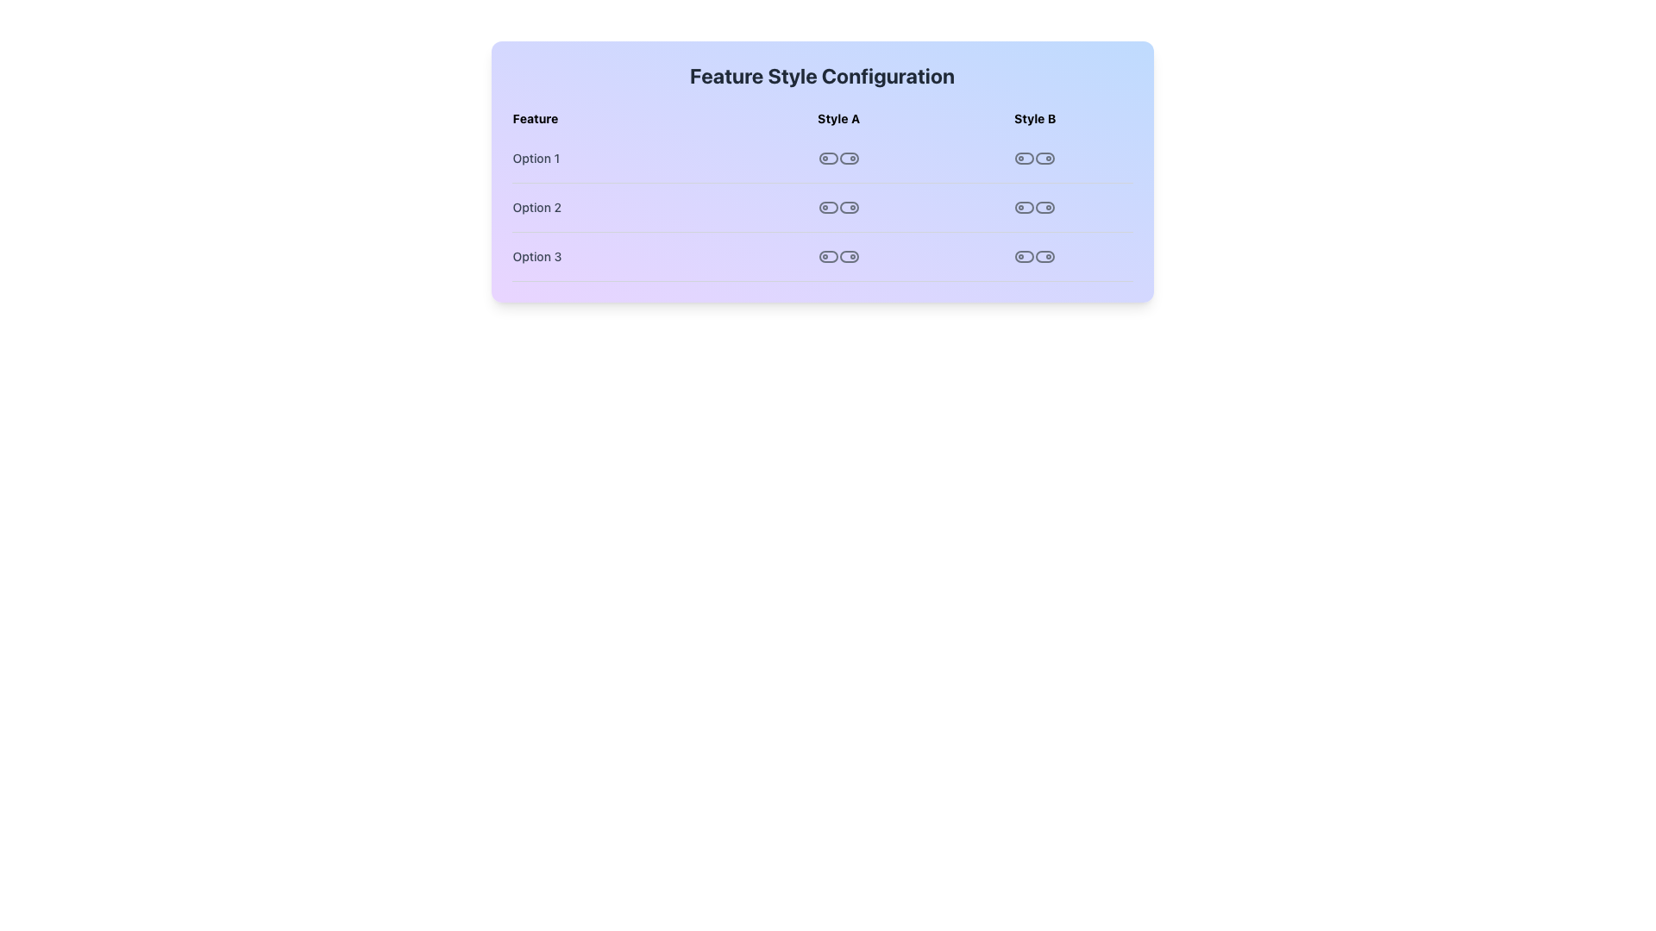 This screenshot has height=931, width=1656. Describe the element at coordinates (1025, 159) in the screenshot. I see `the rounded rectangle with a light gray outline located near the right edge of the toggle switch group for 'Style B' in the first row of the 'Feature Style Configuration' table` at that location.